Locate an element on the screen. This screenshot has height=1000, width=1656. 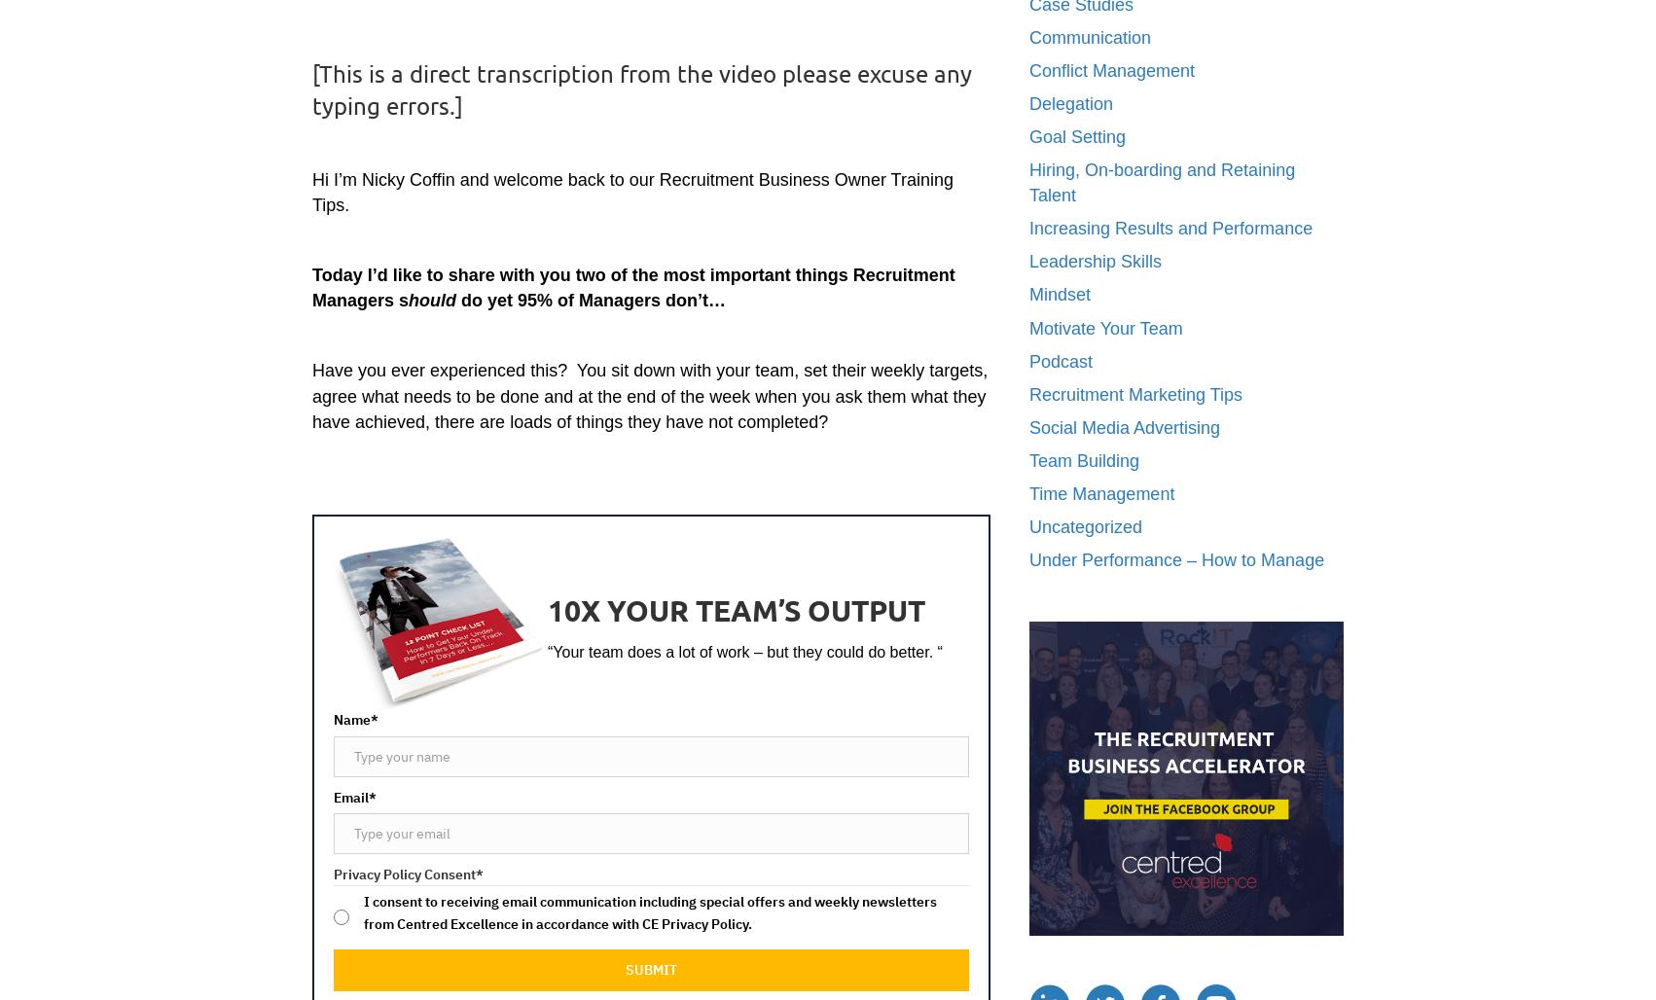
'Hi I’m Nicky Coffin and welcome back to our Recruitment Business Owner Training Tips.' is located at coordinates (631, 190).